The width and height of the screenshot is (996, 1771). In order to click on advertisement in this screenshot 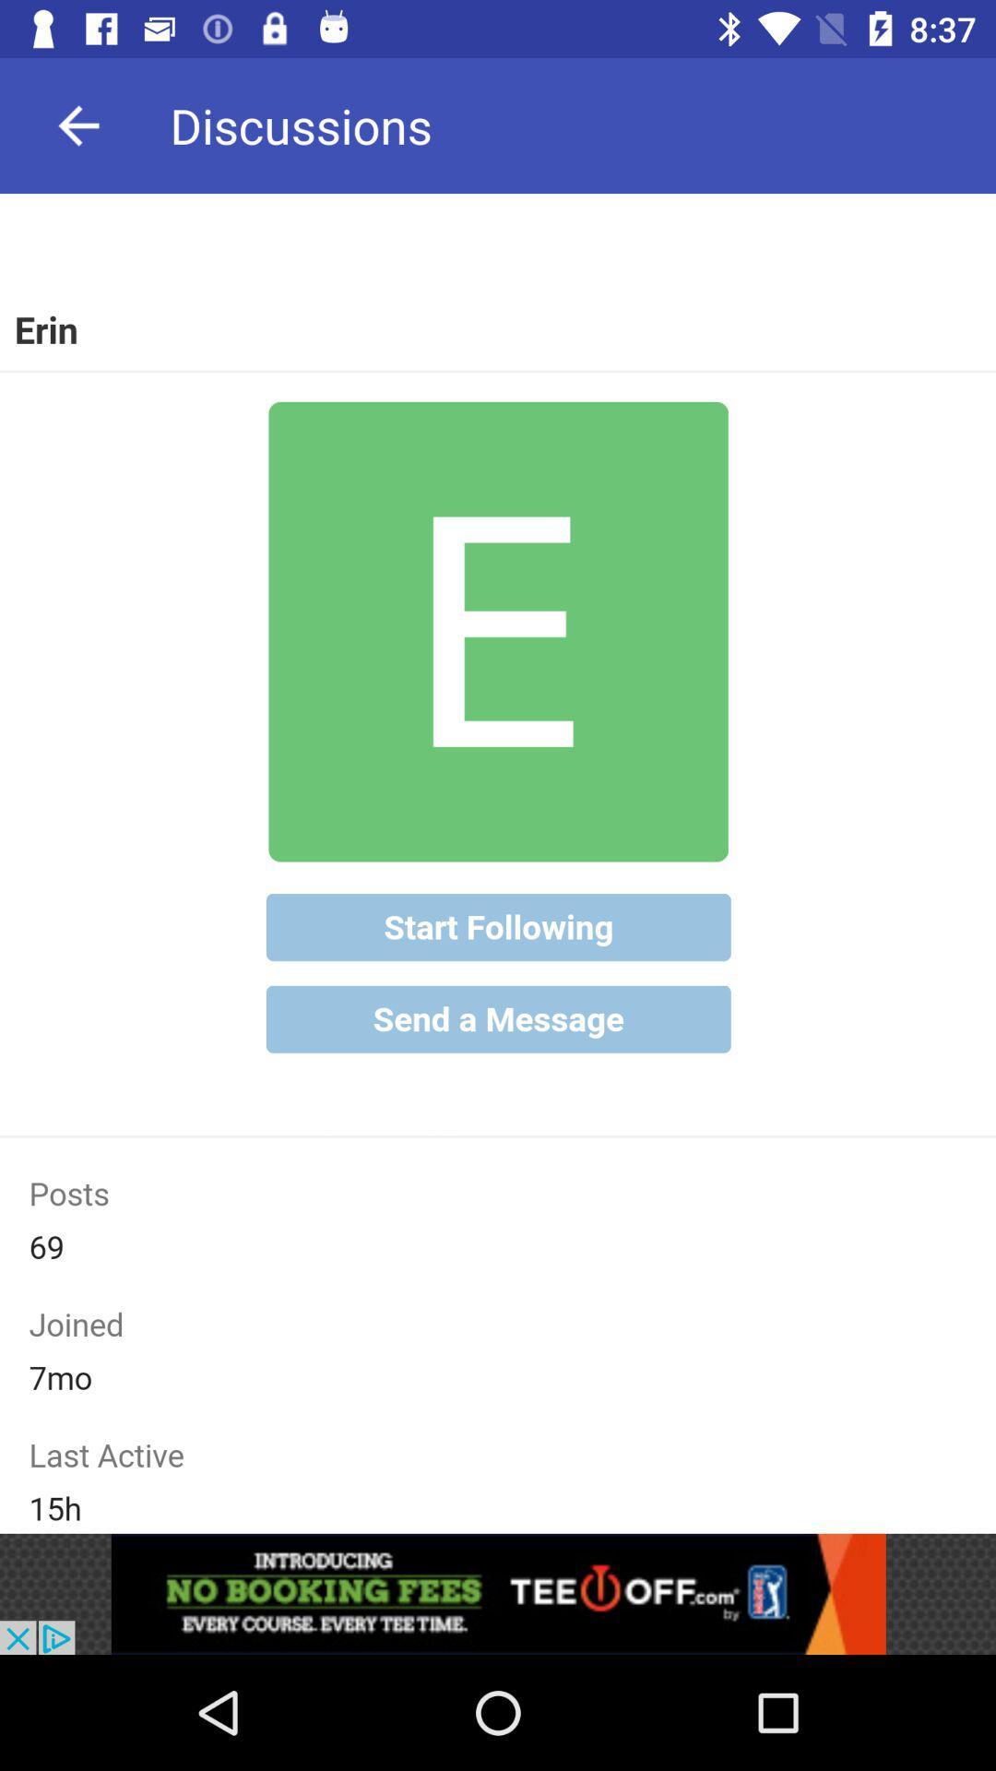, I will do `click(498, 1593)`.